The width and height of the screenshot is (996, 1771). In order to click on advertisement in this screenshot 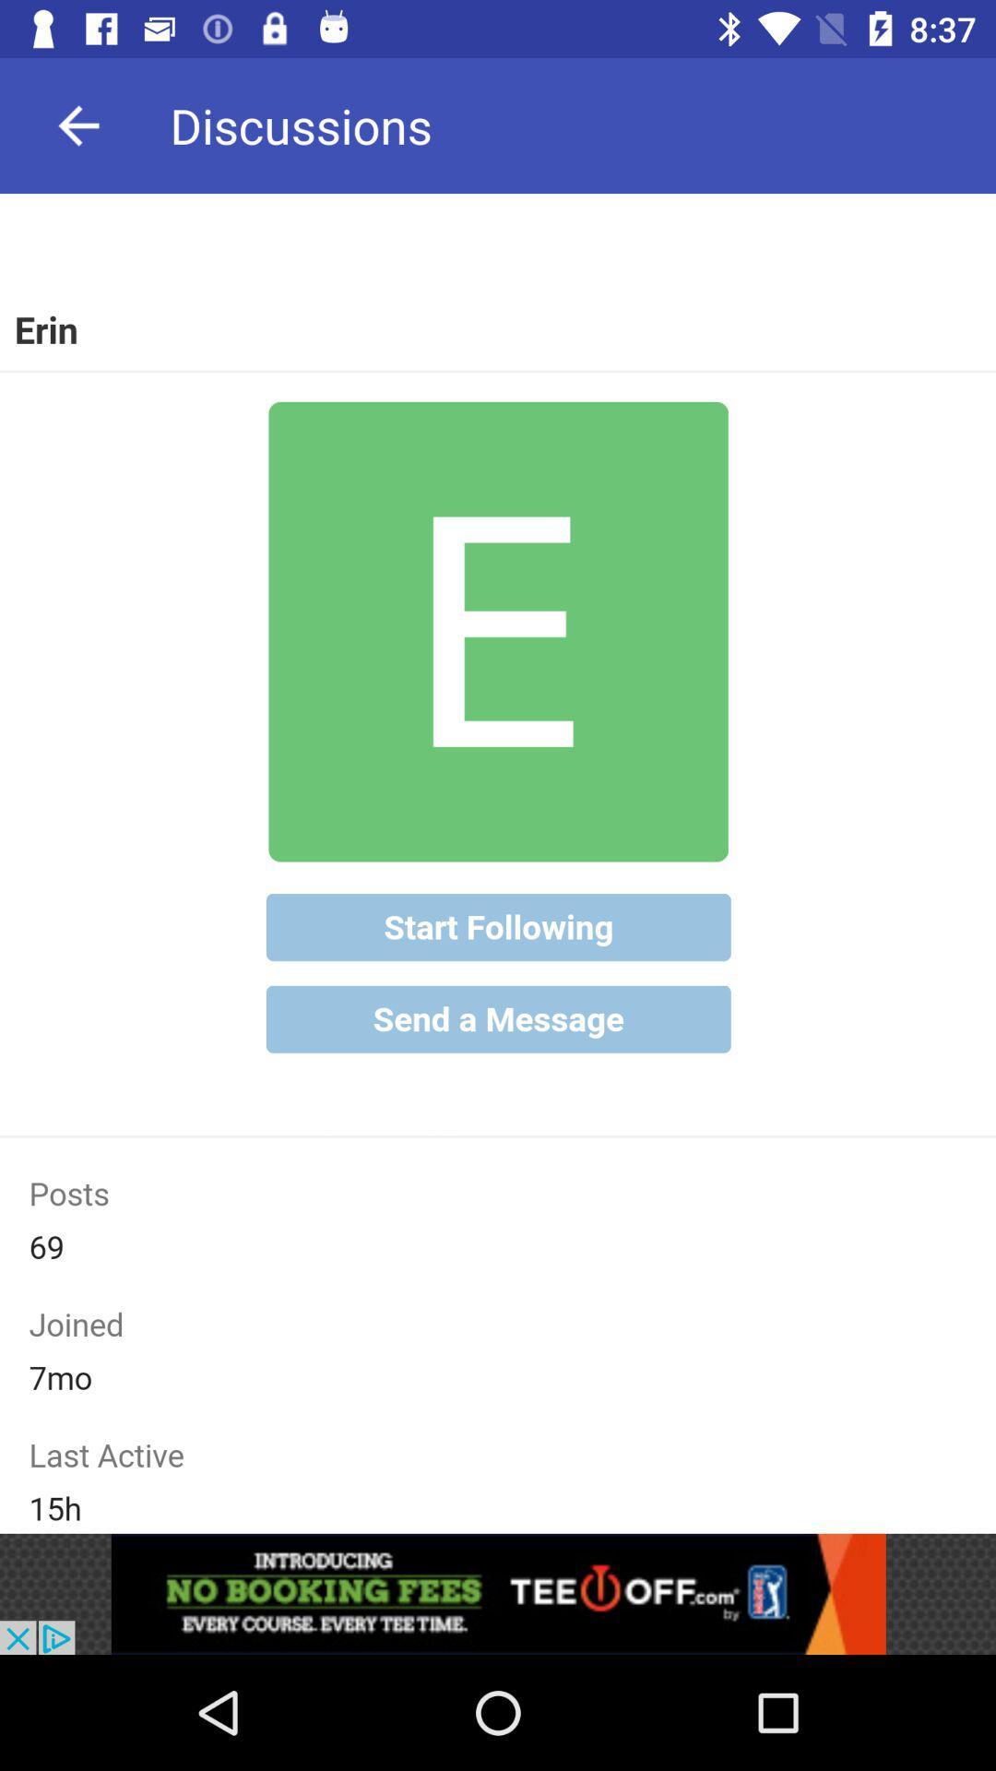, I will do `click(498, 1593)`.